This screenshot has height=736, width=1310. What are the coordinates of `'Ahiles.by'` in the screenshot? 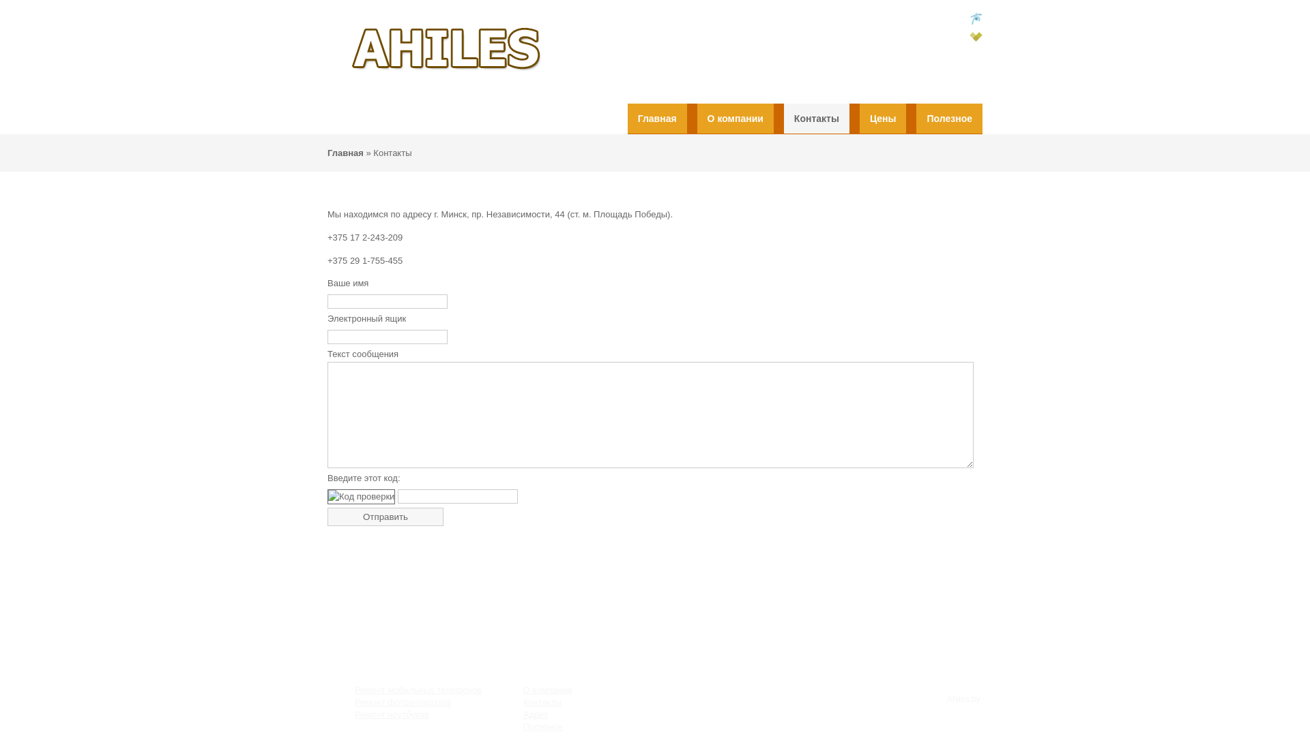 It's located at (963, 699).